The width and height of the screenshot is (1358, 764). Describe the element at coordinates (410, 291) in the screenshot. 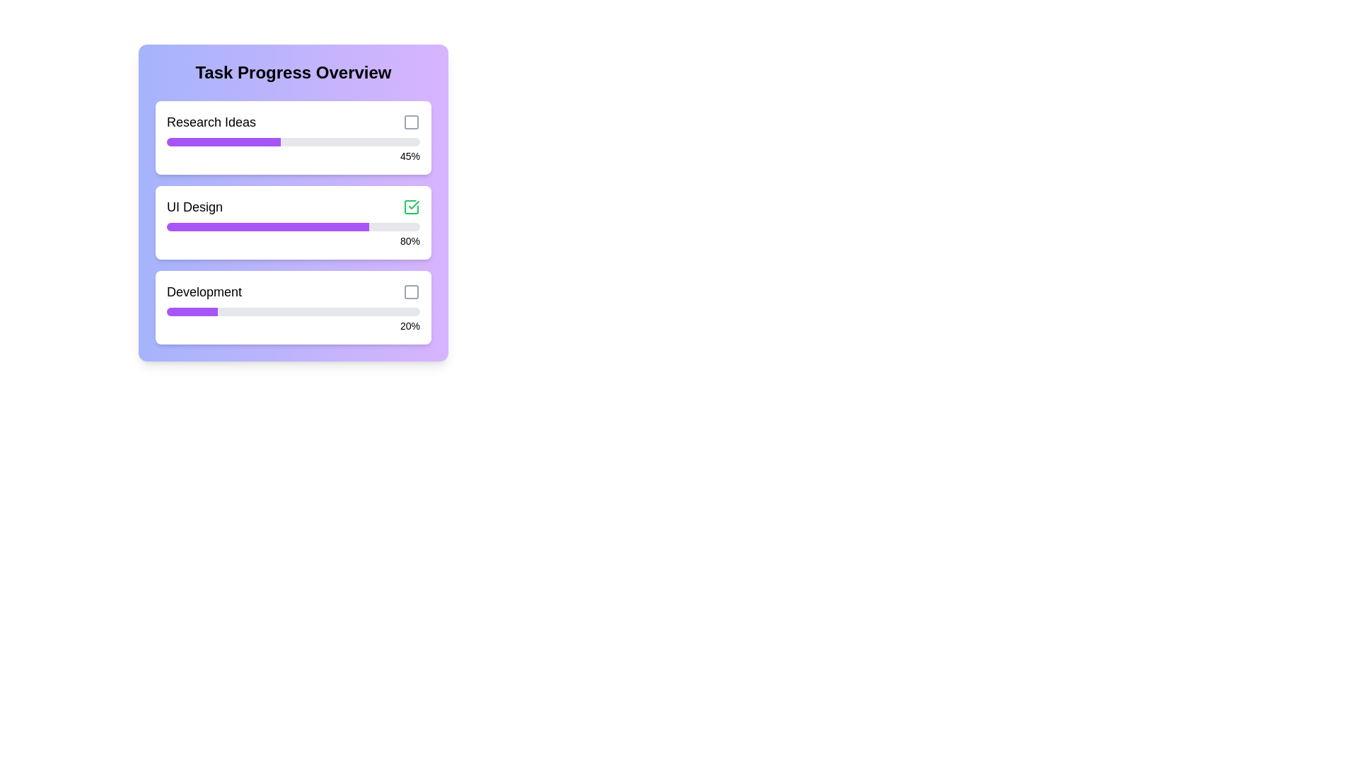

I see `the checkbox icon for the 'Development' task` at that location.